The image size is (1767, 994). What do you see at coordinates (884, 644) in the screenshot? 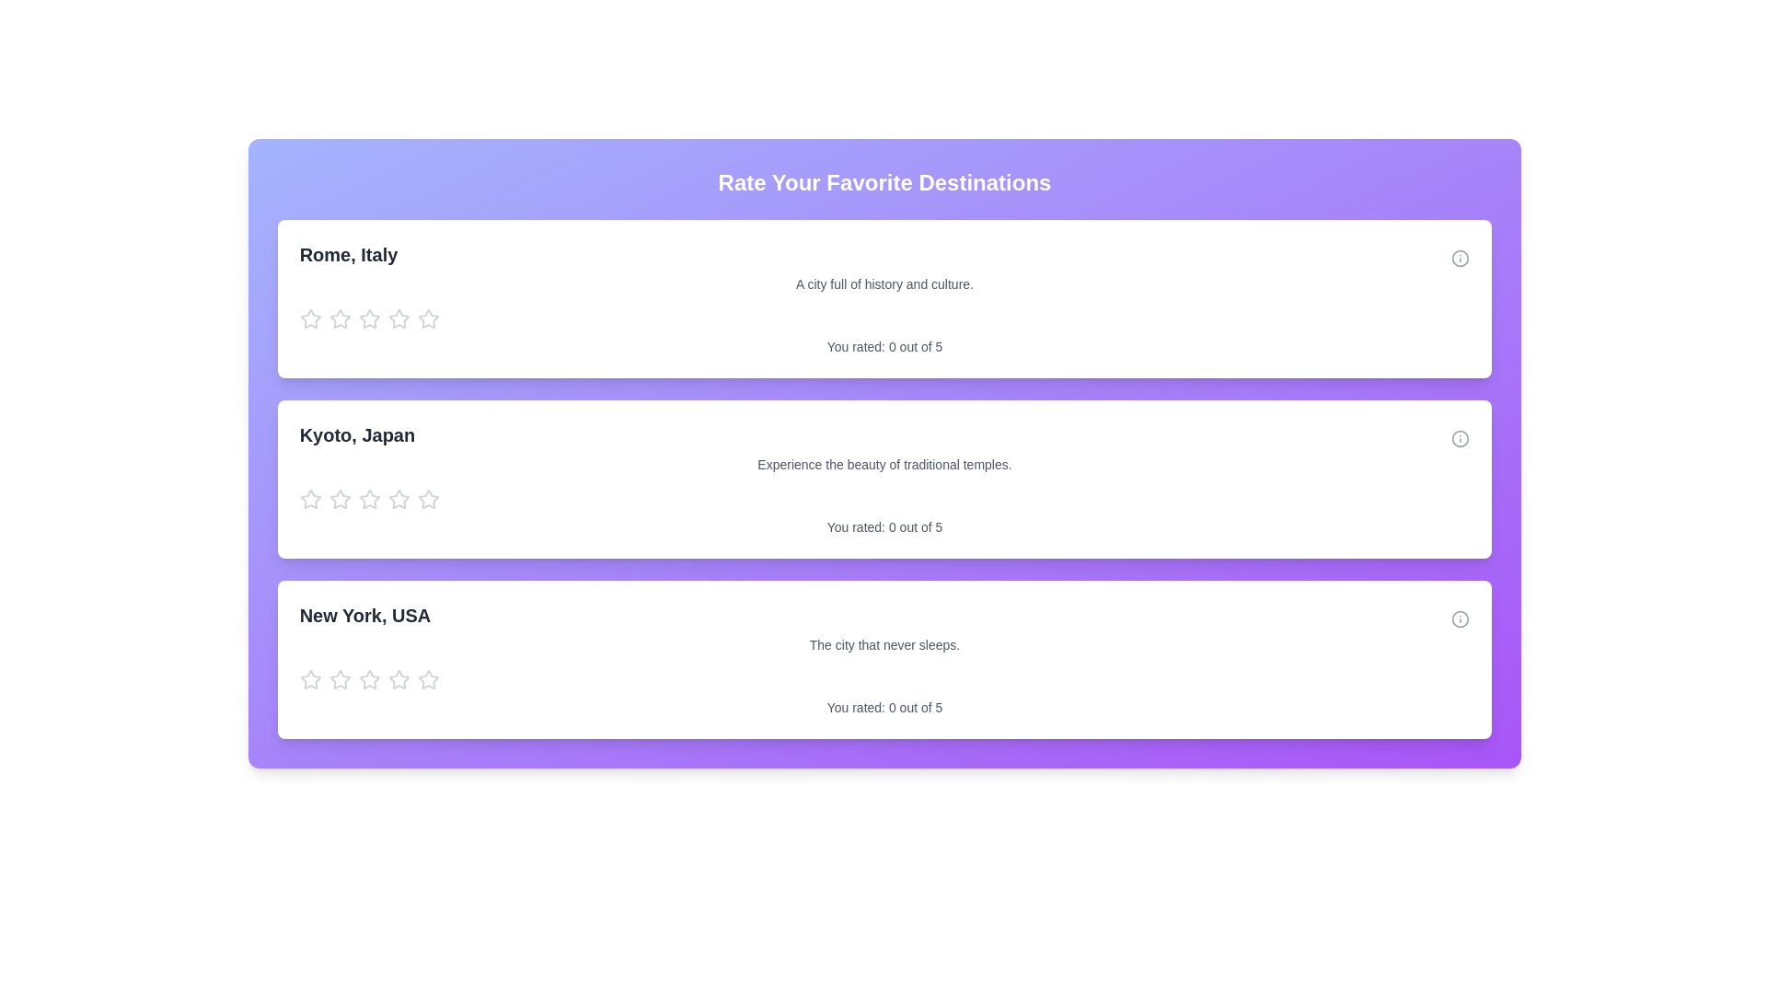
I see `the static text label displaying 'The city that never sleeps.' located in the third card below the heading 'New York, USA'` at bounding box center [884, 644].